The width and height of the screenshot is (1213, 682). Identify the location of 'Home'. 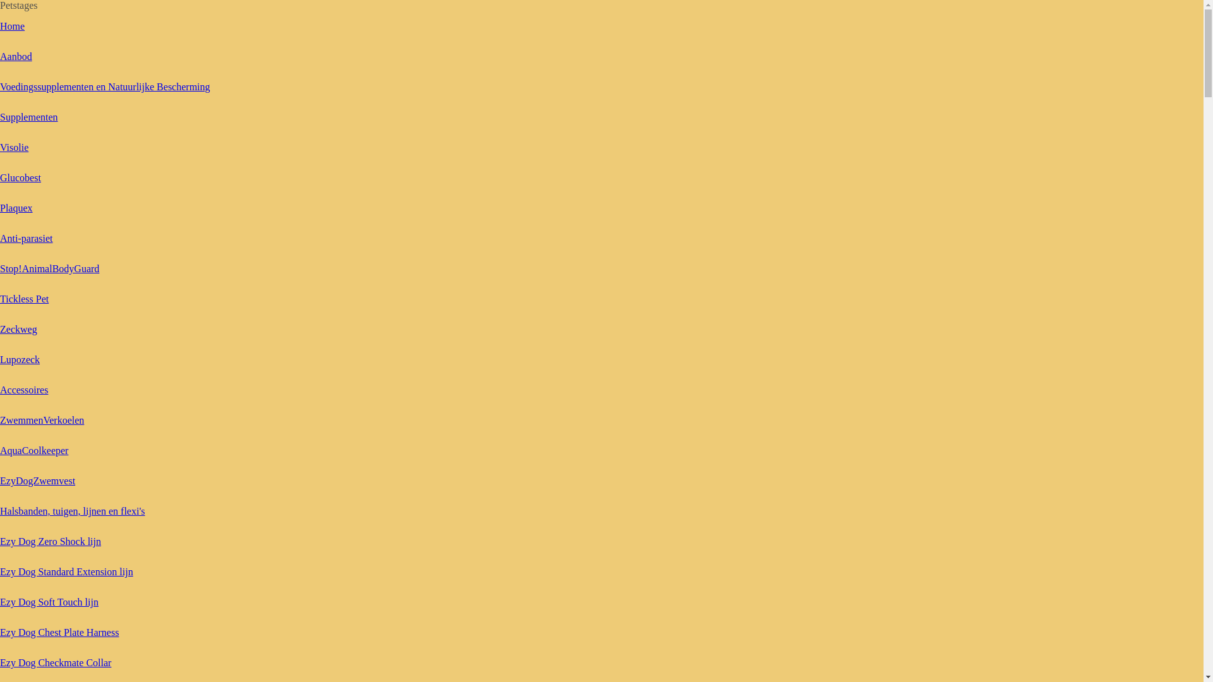
(12, 26).